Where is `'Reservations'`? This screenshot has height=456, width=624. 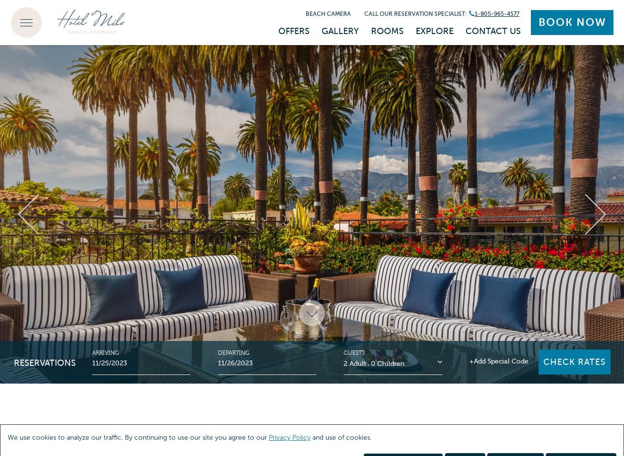
'Reservations' is located at coordinates (44, 362).